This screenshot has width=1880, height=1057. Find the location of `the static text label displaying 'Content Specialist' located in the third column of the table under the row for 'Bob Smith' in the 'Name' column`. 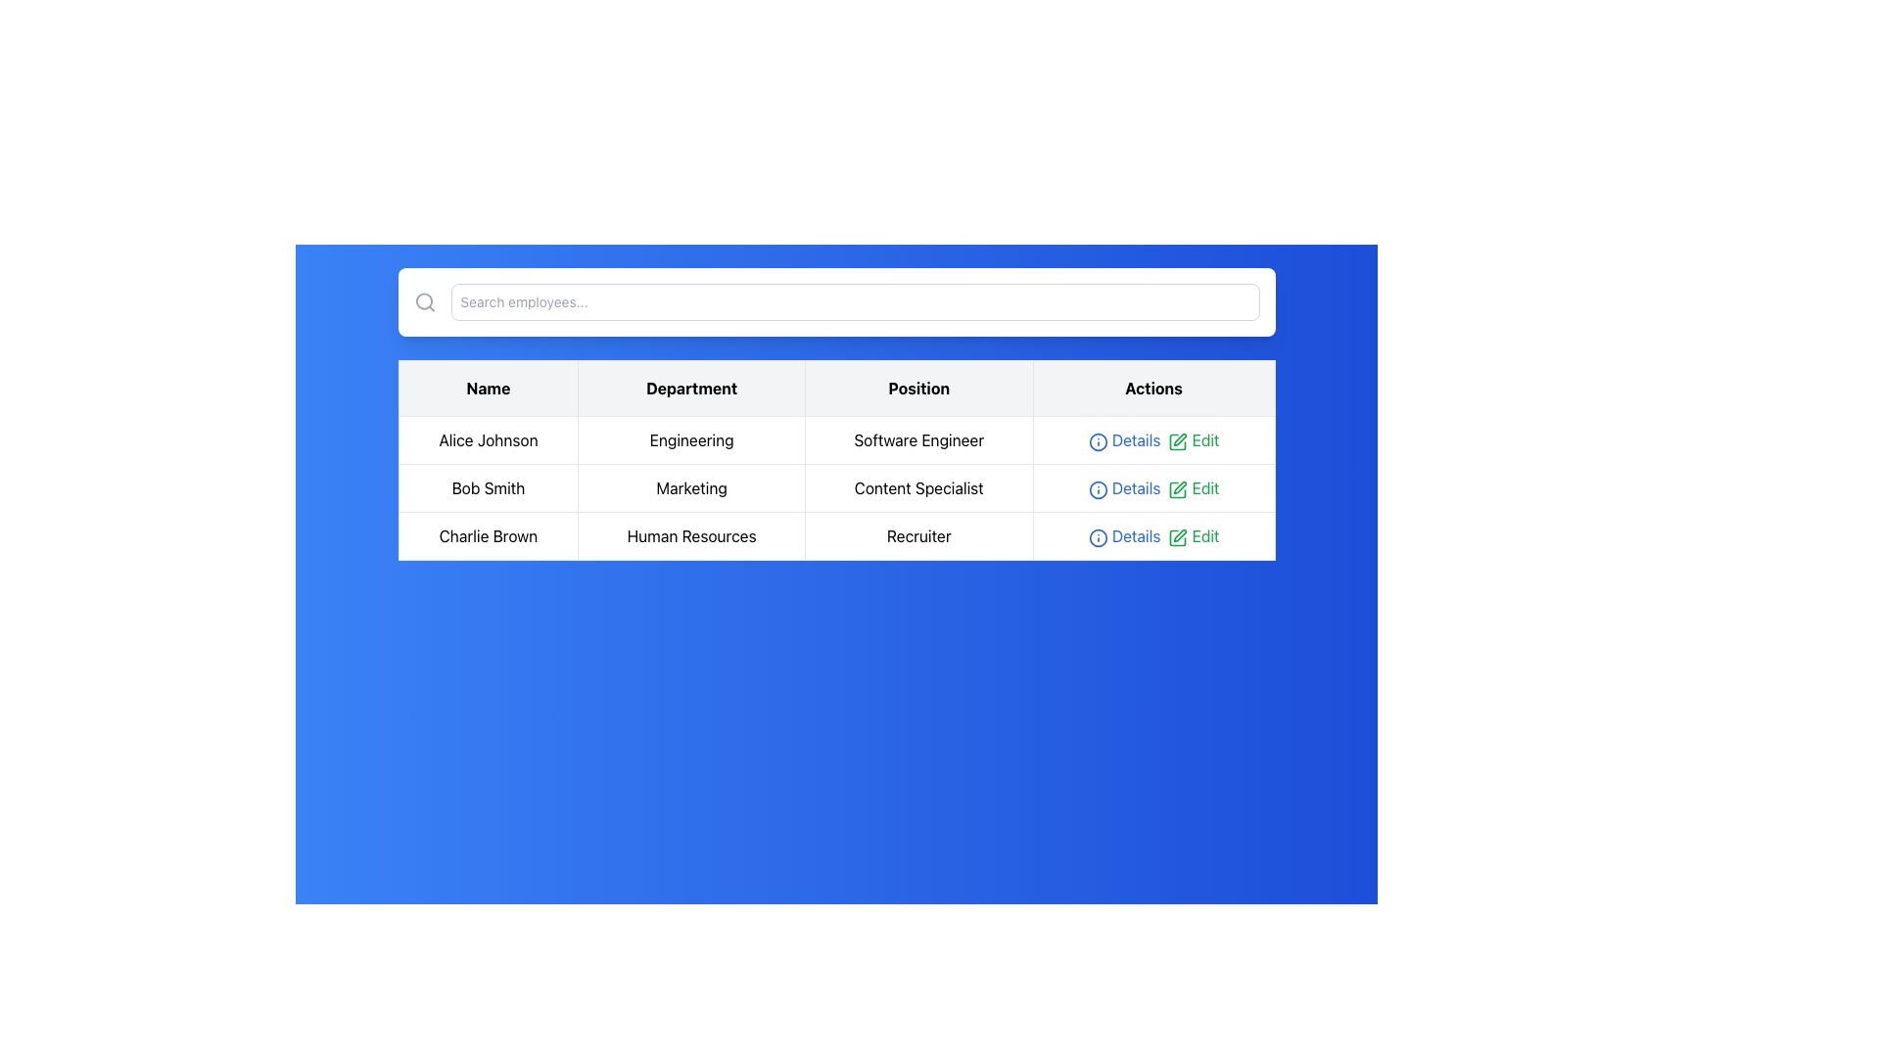

the static text label displaying 'Content Specialist' located in the third column of the table under the row for 'Bob Smith' in the 'Name' column is located at coordinates (917, 486).